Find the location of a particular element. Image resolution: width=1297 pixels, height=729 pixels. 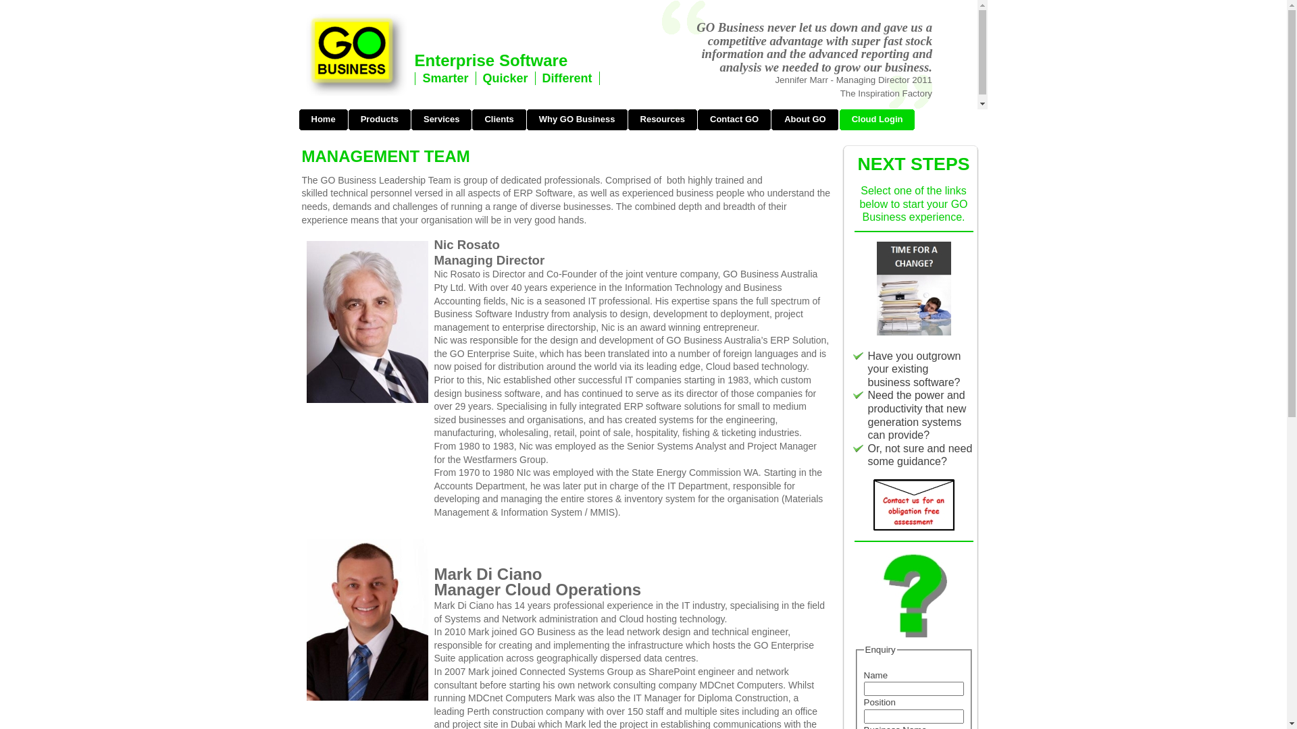

'Quicker' is located at coordinates (483, 78).